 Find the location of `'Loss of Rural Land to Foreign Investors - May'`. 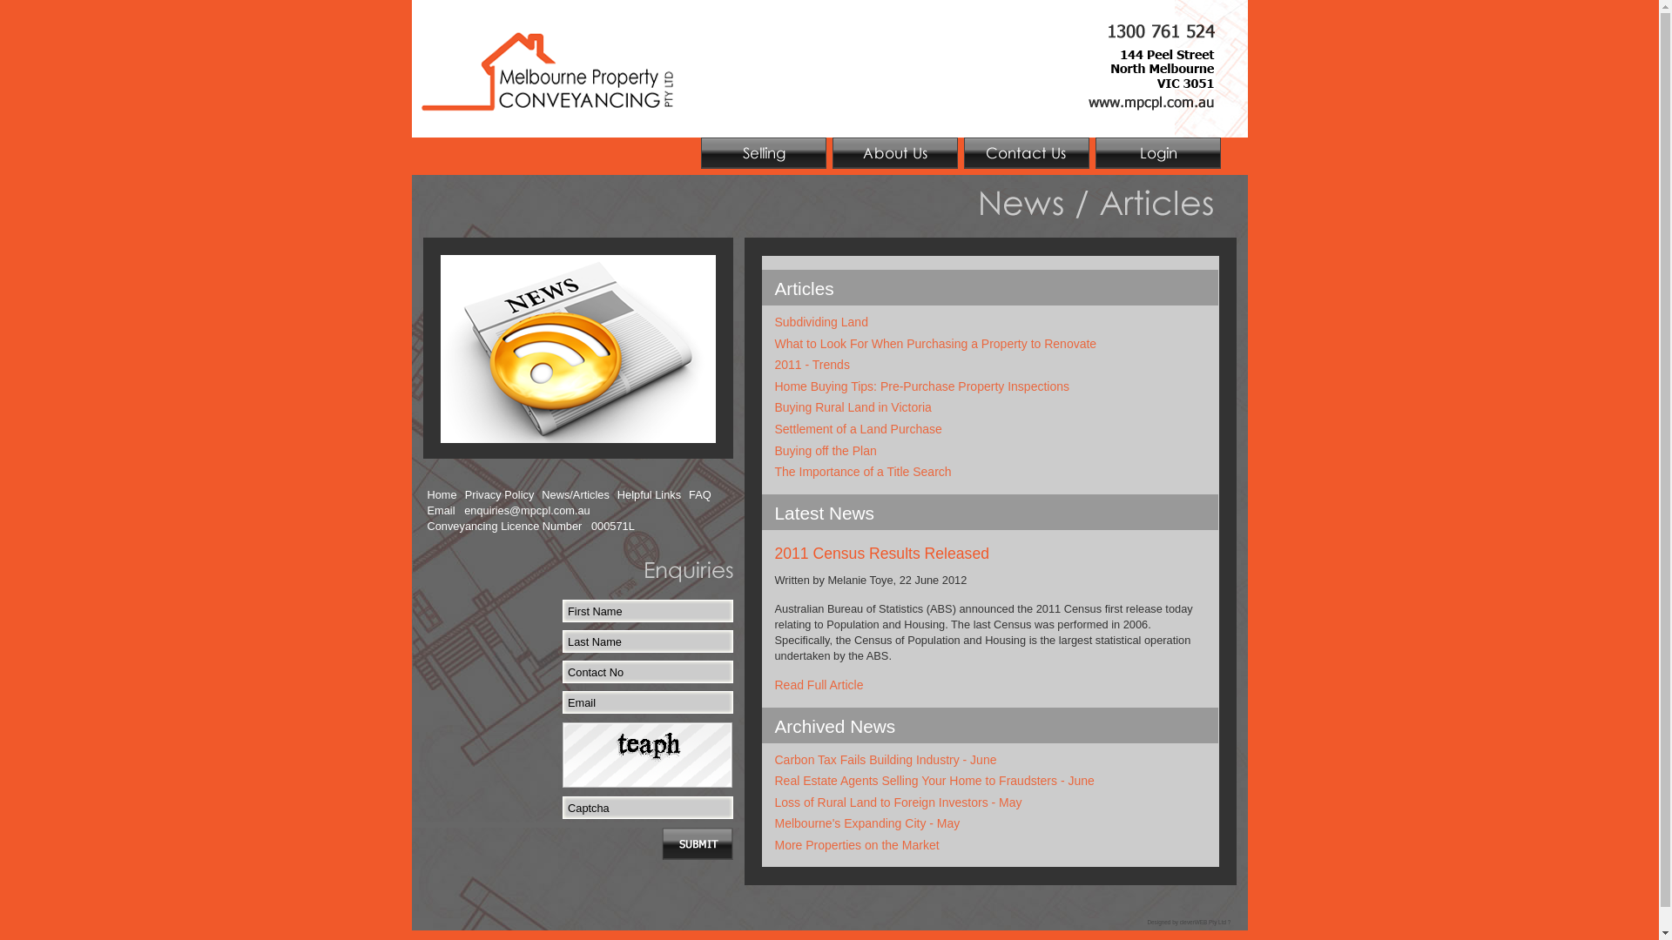

'Loss of Rural Land to Foreign Investors - May' is located at coordinates (773, 802).